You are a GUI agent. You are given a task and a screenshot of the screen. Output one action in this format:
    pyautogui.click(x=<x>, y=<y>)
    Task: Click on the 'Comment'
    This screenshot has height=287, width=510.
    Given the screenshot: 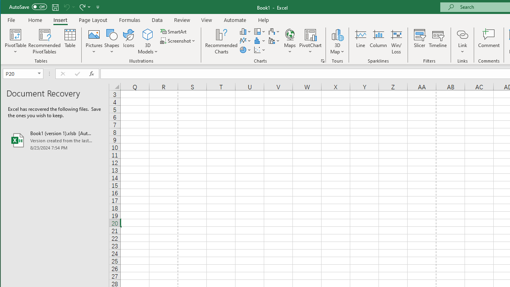 What is the action you would take?
    pyautogui.click(x=488, y=41)
    